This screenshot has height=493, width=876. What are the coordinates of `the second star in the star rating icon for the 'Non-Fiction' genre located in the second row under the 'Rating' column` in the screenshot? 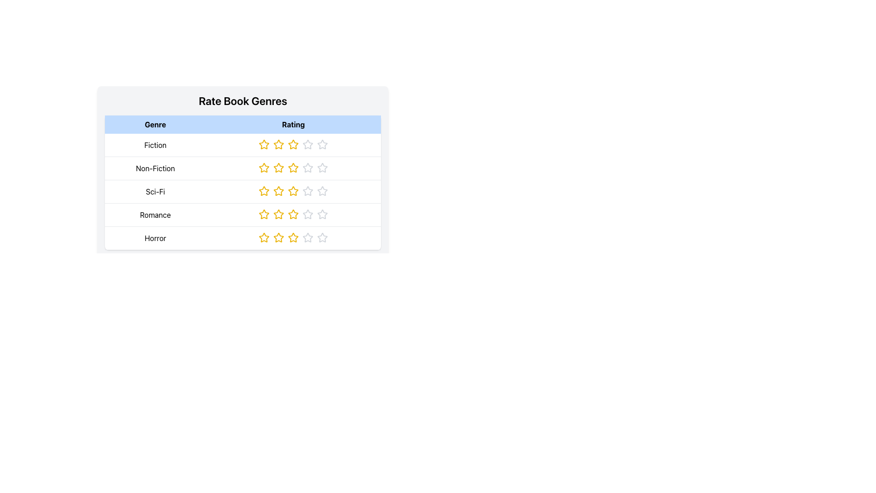 It's located at (278, 168).